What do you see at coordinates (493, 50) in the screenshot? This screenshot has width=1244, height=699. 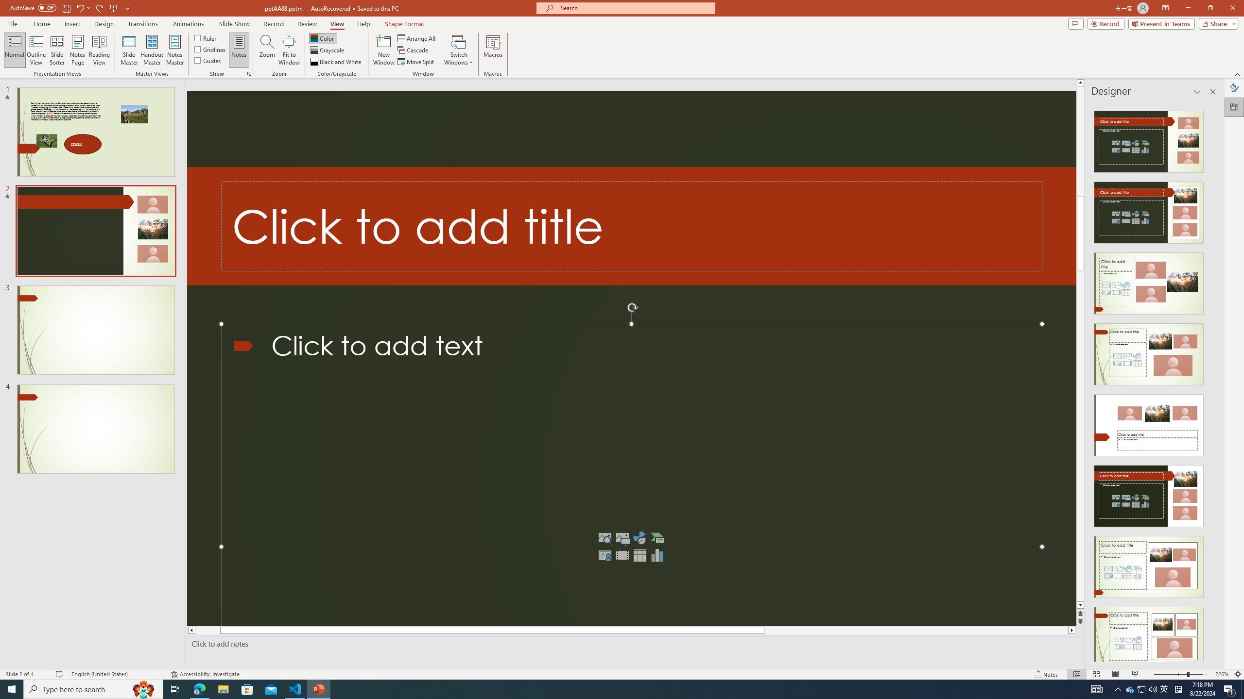 I see `'Macros'` at bounding box center [493, 50].